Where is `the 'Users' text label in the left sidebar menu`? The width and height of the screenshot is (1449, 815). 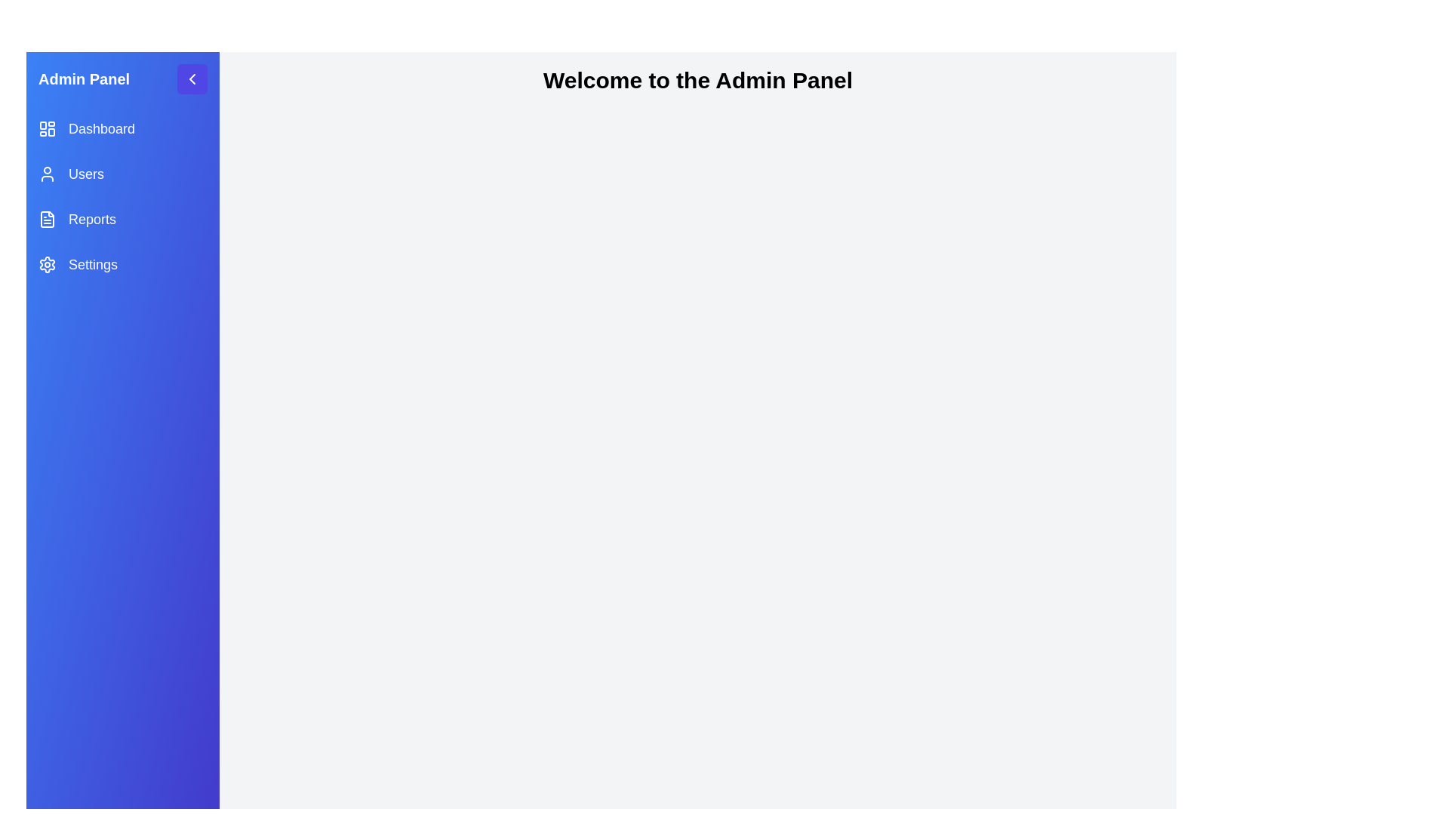
the 'Users' text label in the left sidebar menu is located at coordinates (85, 174).